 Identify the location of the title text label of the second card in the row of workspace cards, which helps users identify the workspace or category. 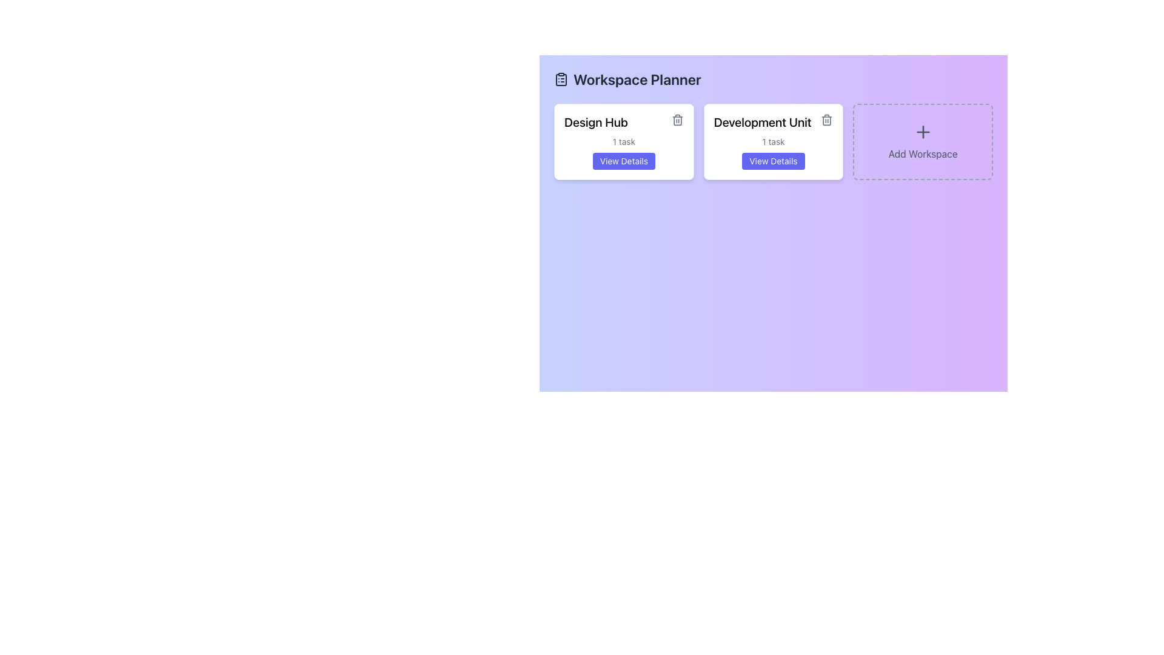
(762, 122).